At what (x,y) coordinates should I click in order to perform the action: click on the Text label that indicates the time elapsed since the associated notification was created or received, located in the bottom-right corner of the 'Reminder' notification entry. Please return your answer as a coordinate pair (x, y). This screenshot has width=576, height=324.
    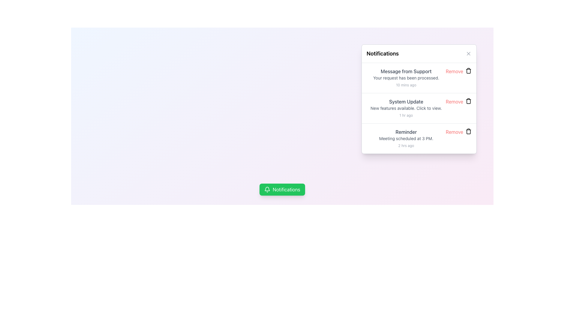
    Looking at the image, I should click on (406, 145).